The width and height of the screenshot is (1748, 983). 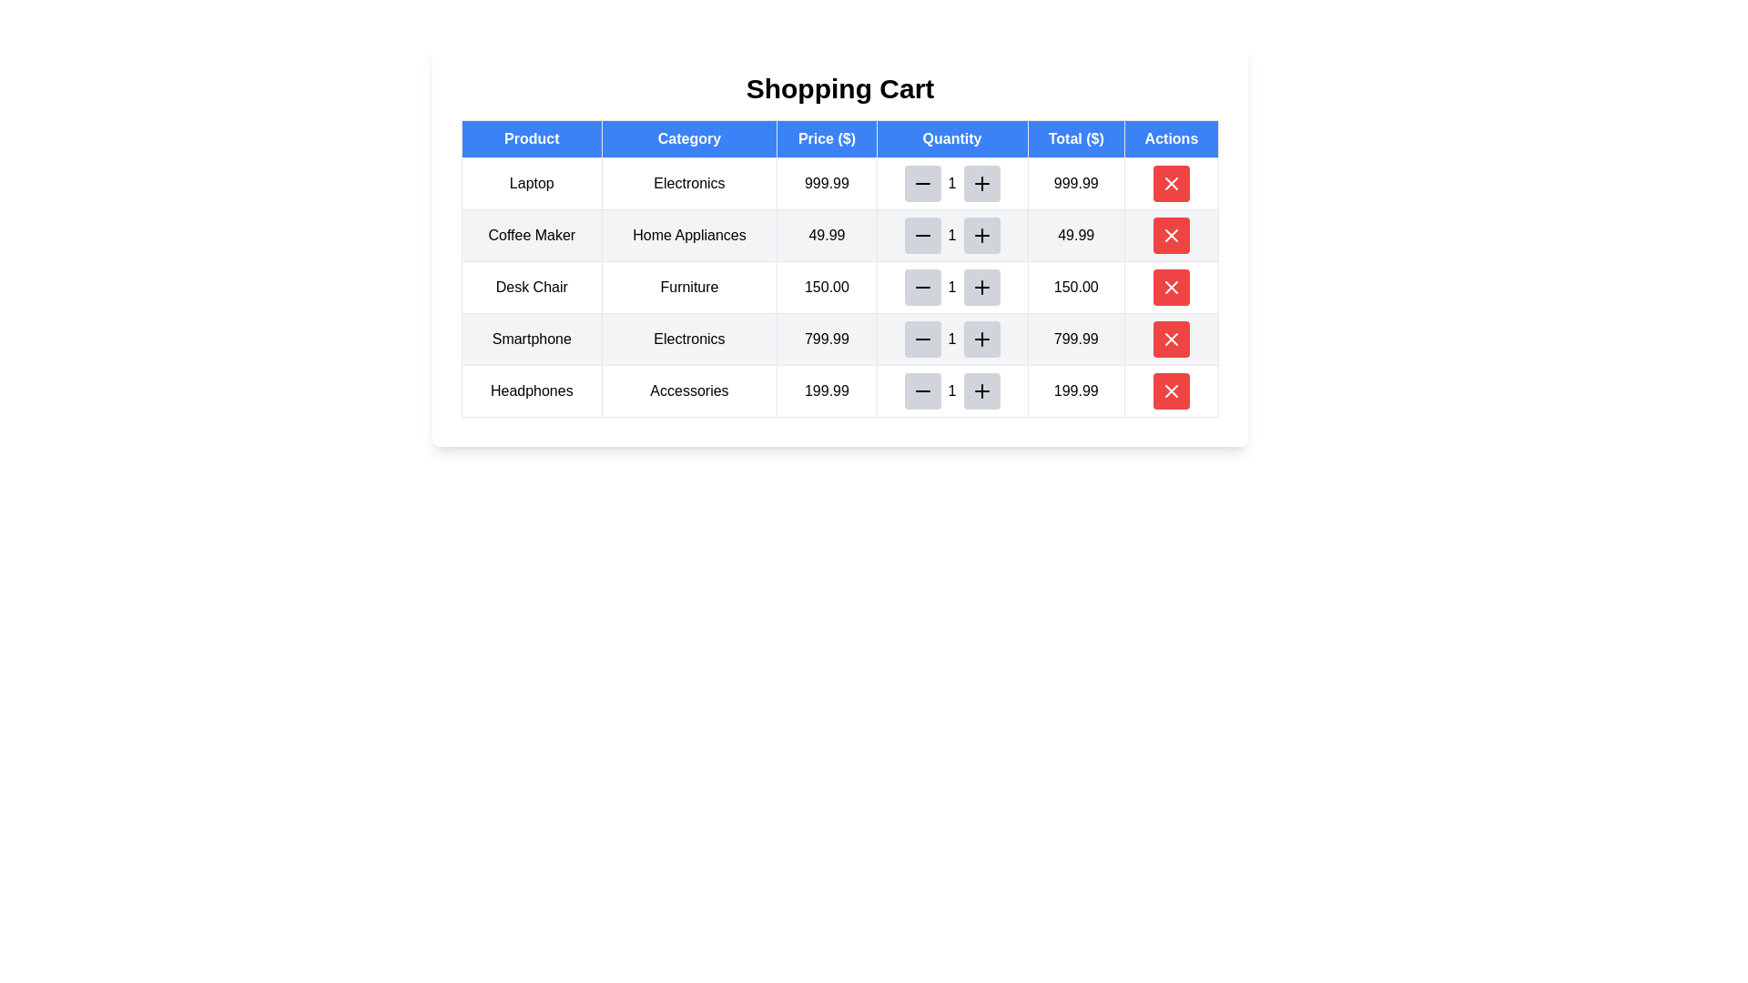 I want to click on the cross icon within the red square button in the 'Actions' column of the shopping cart table, so click(x=1171, y=339).